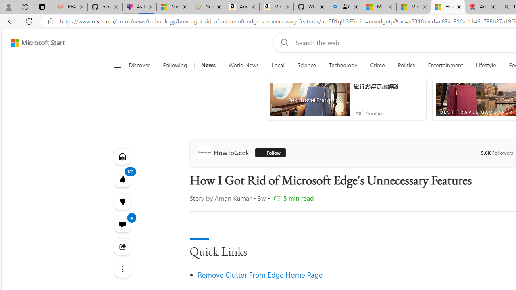  What do you see at coordinates (358, 113) in the screenshot?
I see `'Ad'` at bounding box center [358, 113].